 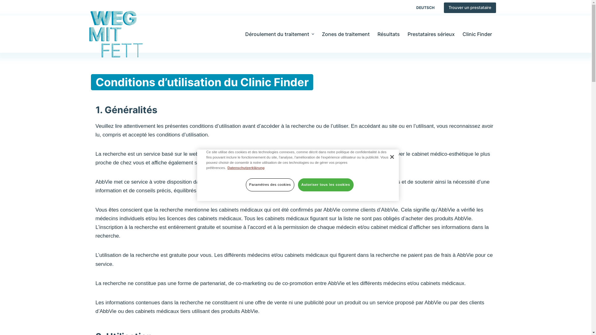 I want to click on 'Trouver un prestataire', so click(x=470, y=7).